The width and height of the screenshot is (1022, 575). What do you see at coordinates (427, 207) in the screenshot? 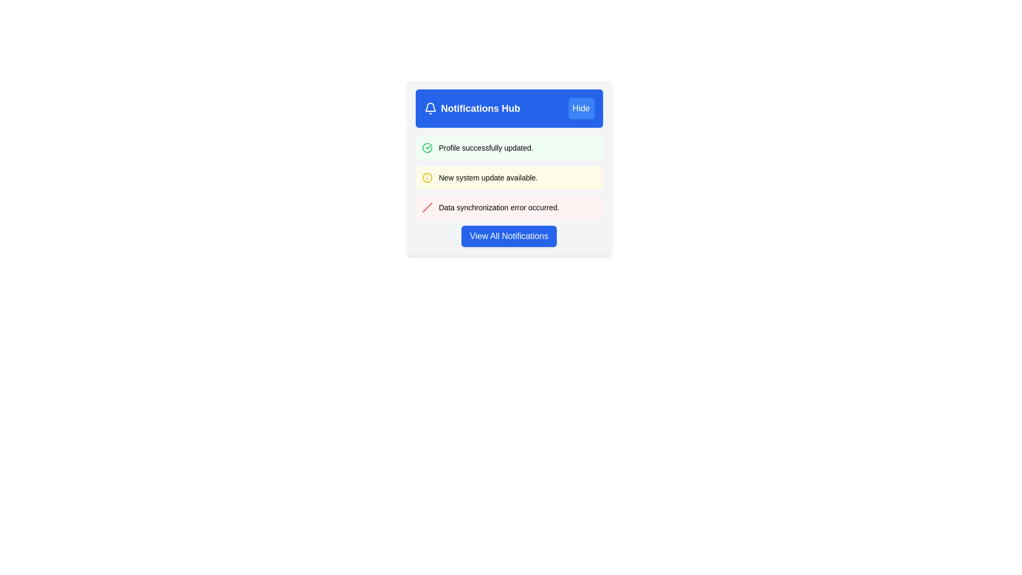
I see `the error icon indicating a 'Data synchronization error occurred' within the notification at the top-right corner` at bounding box center [427, 207].